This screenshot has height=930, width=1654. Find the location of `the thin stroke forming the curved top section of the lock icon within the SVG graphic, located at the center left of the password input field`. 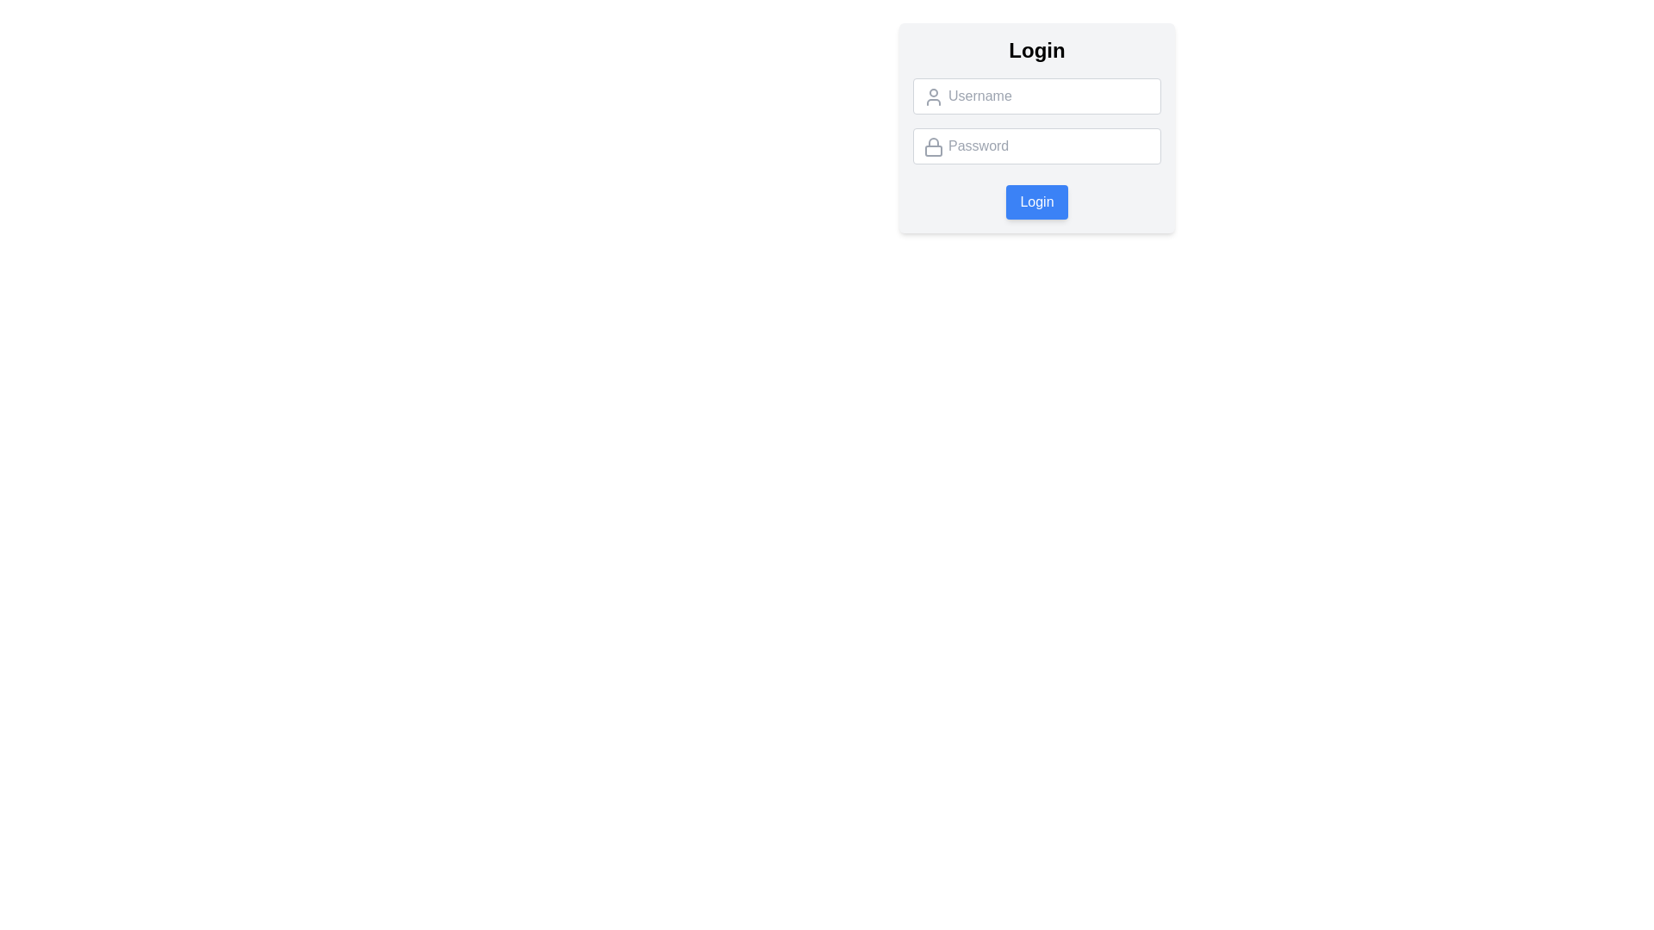

the thin stroke forming the curved top section of the lock icon within the SVG graphic, located at the center left of the password input field is located at coordinates (933, 141).